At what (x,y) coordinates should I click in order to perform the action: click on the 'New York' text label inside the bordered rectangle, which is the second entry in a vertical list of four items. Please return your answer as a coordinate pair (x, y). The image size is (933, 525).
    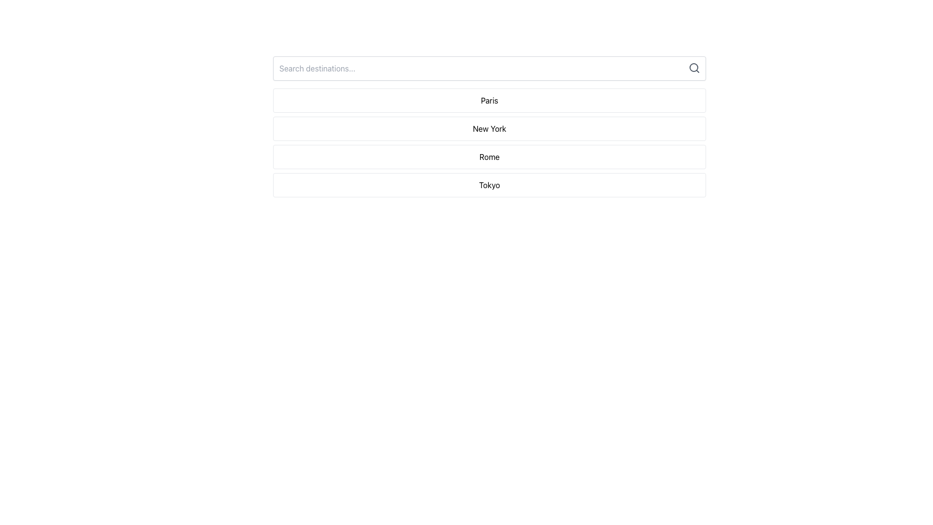
    Looking at the image, I should click on (489, 128).